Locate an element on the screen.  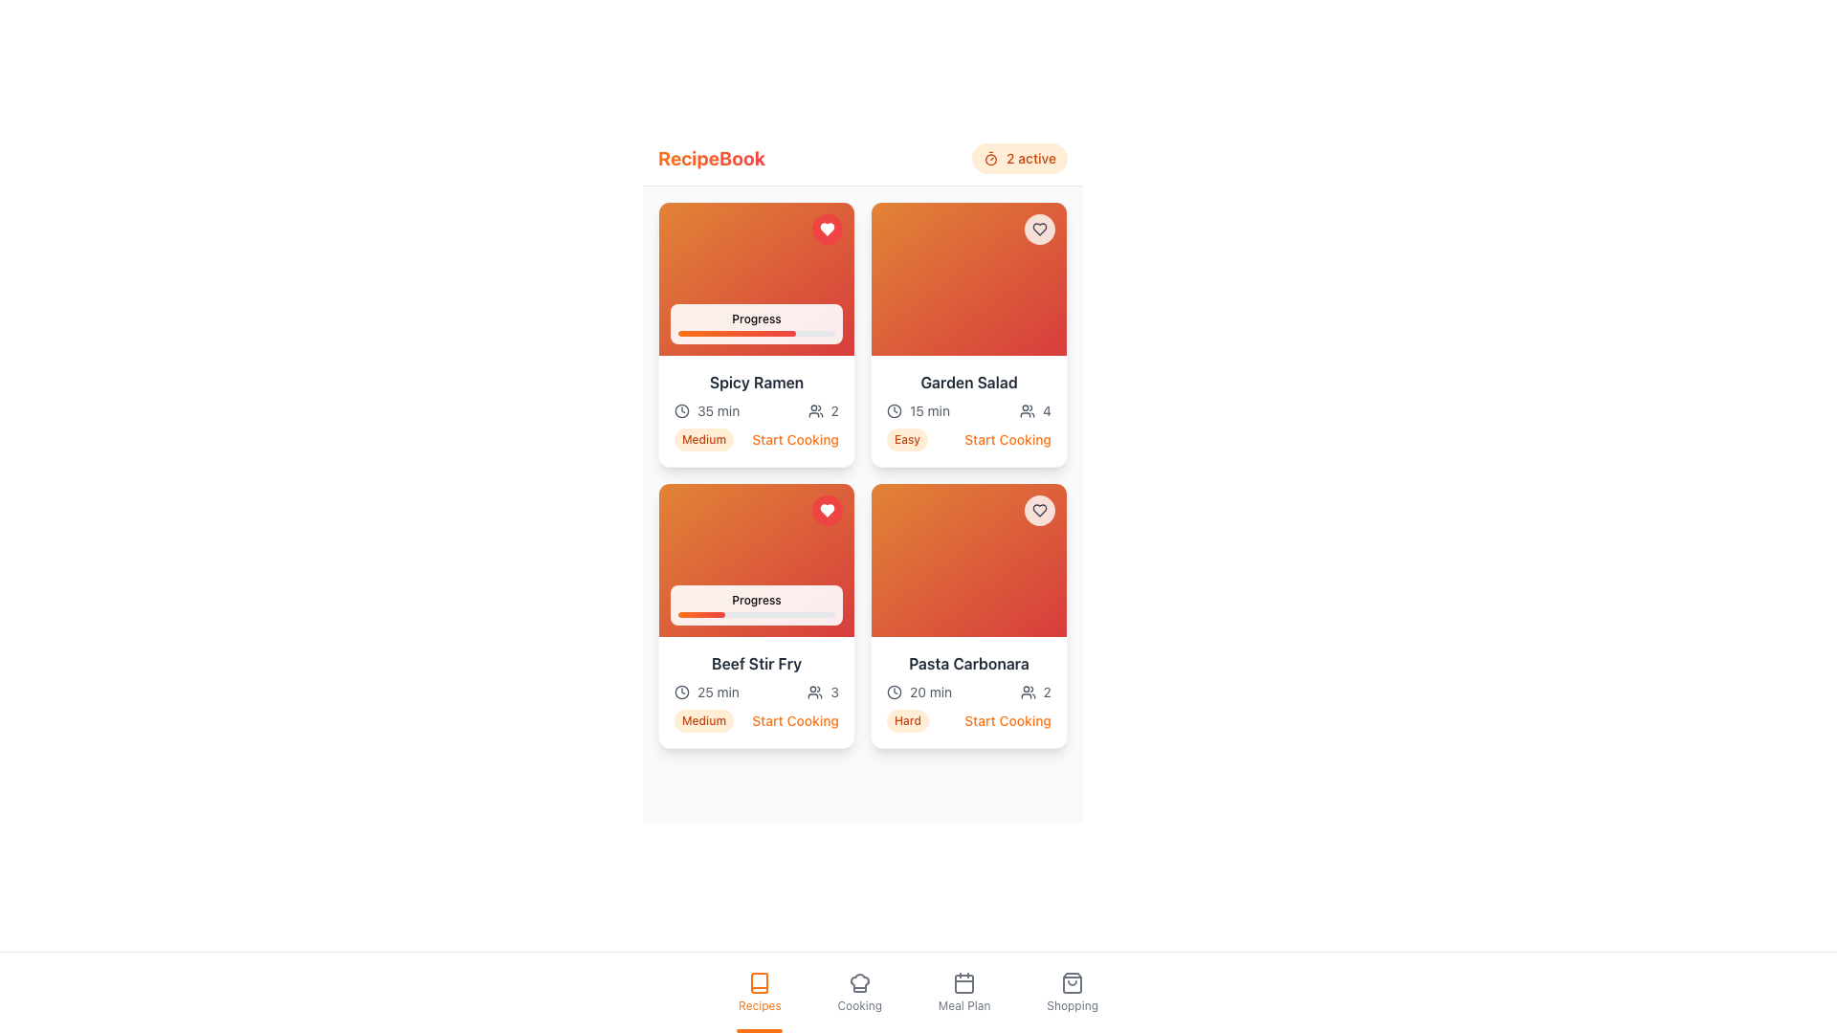
the first button in the bottom navigation bar is located at coordinates (759, 991).